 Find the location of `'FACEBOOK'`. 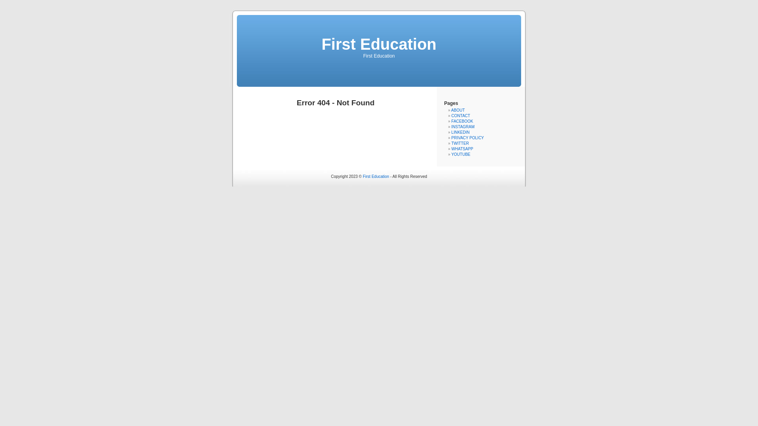

'FACEBOOK' is located at coordinates (462, 121).